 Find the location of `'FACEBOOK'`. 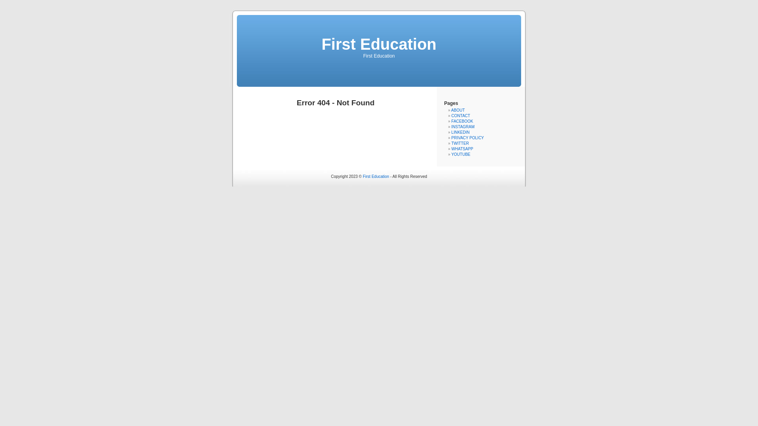

'FACEBOOK' is located at coordinates (462, 121).